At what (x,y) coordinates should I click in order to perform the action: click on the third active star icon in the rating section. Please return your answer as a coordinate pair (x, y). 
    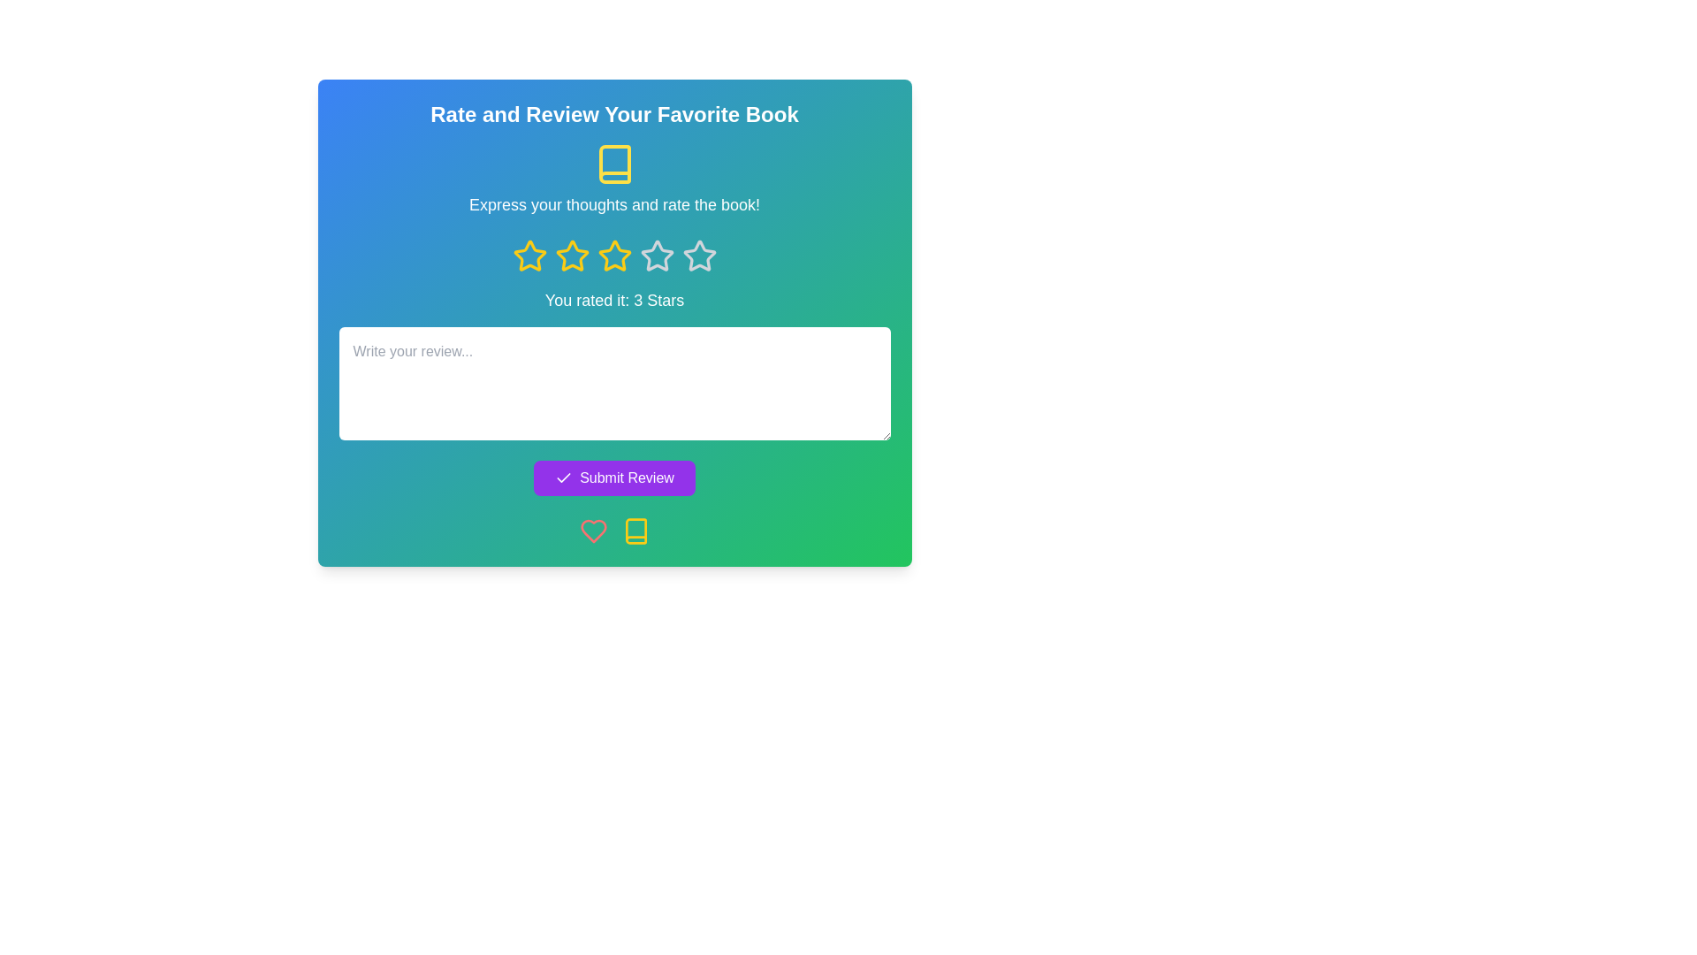
    Looking at the image, I should click on (614, 256).